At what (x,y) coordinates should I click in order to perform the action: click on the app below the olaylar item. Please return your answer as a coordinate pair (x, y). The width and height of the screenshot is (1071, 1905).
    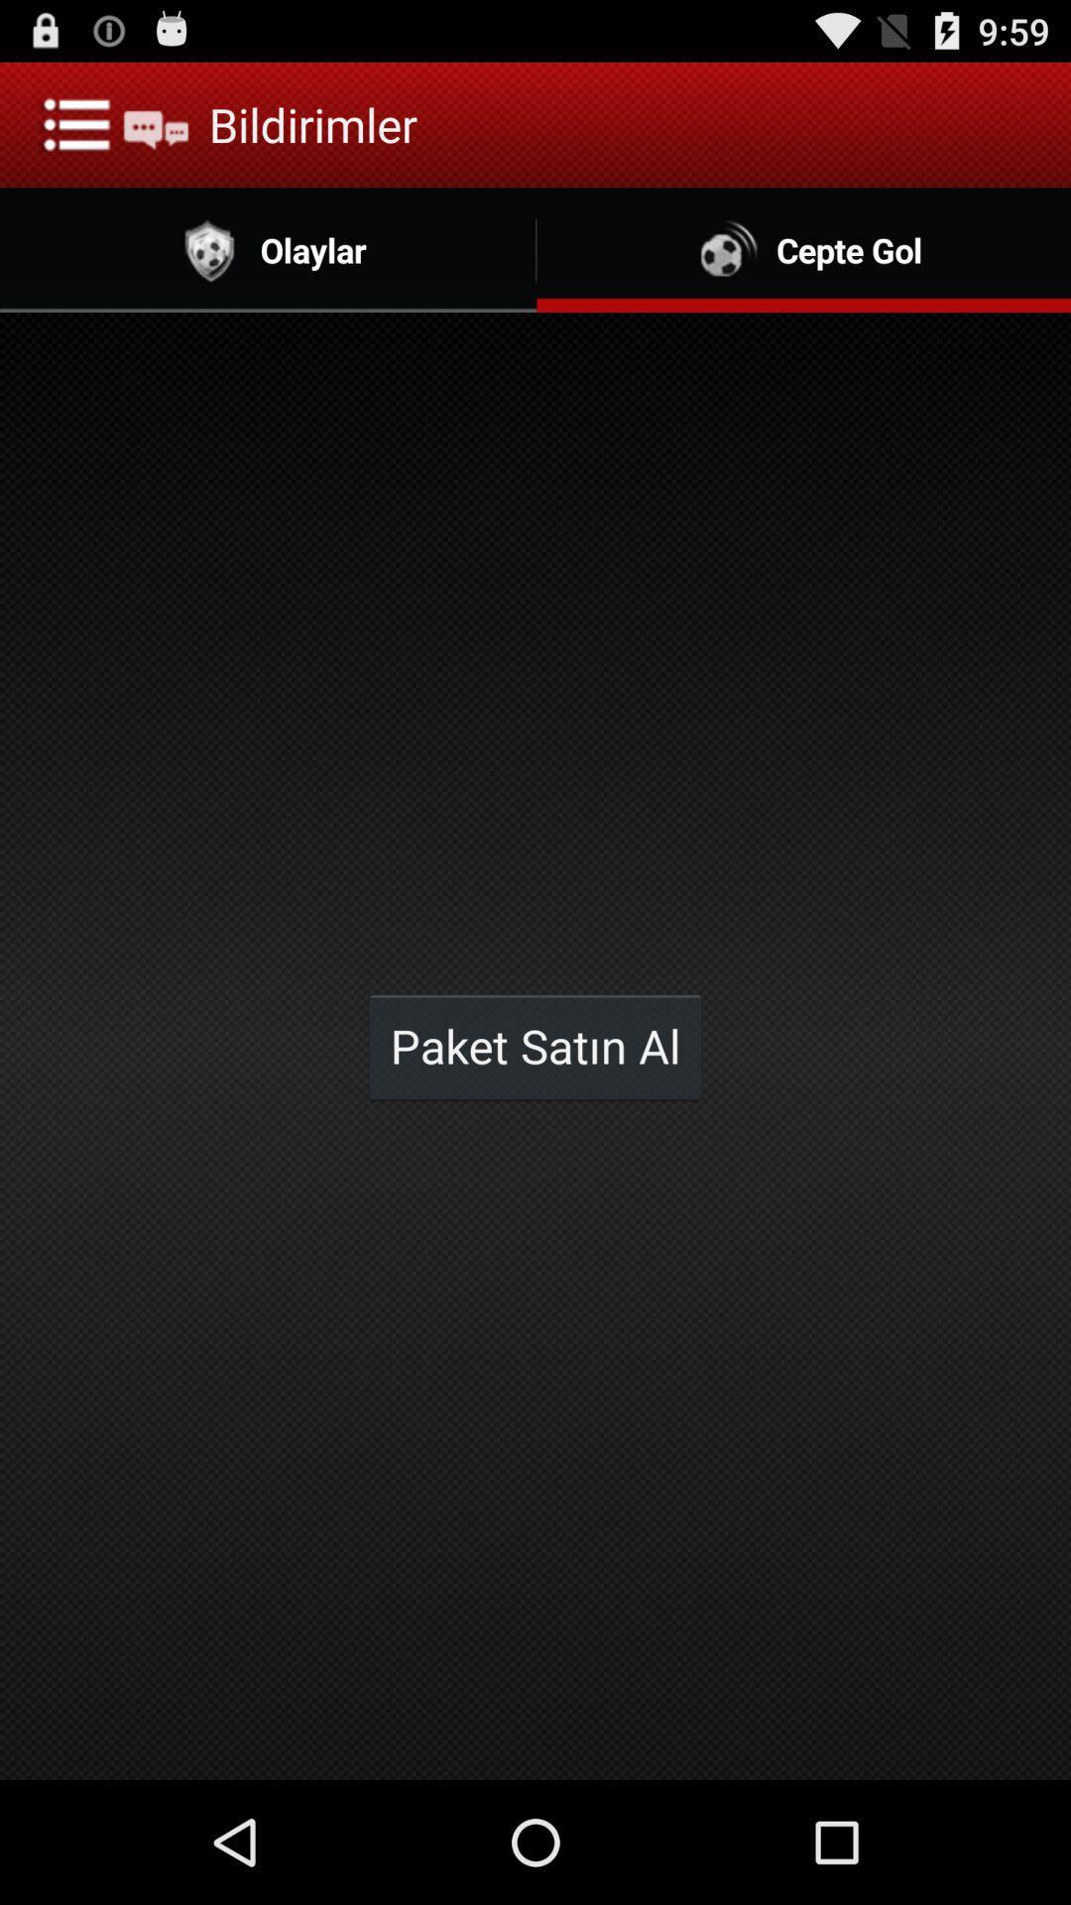
    Looking at the image, I should click on (535, 1045).